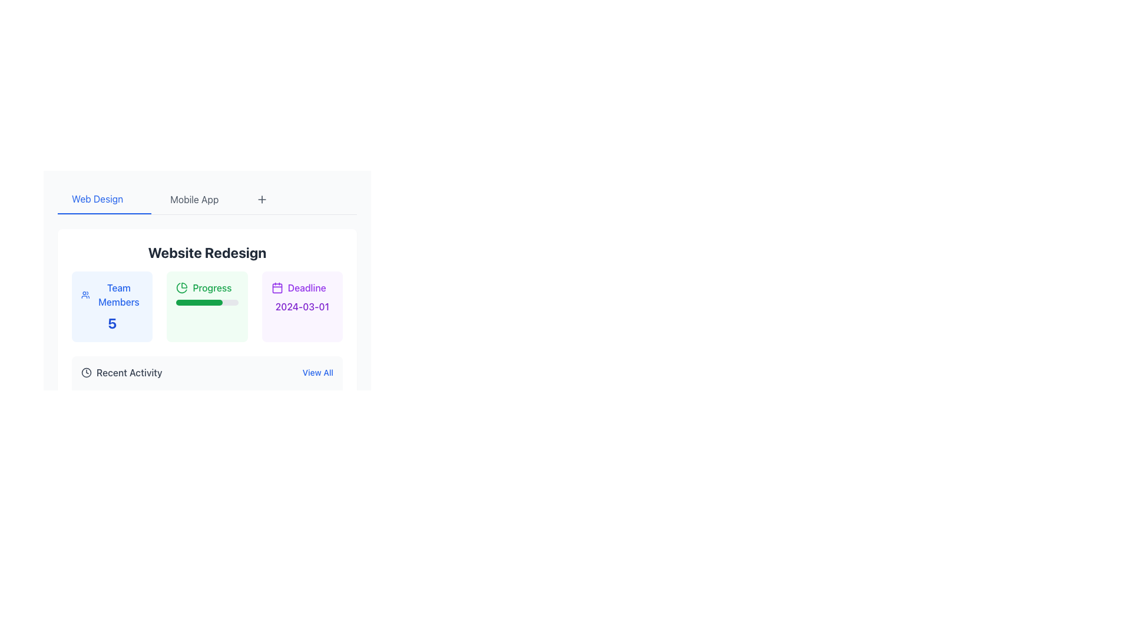 This screenshot has width=1131, height=636. Describe the element at coordinates (104, 199) in the screenshot. I see `the first menu item on the left in the horizontally arranged menu` at that location.